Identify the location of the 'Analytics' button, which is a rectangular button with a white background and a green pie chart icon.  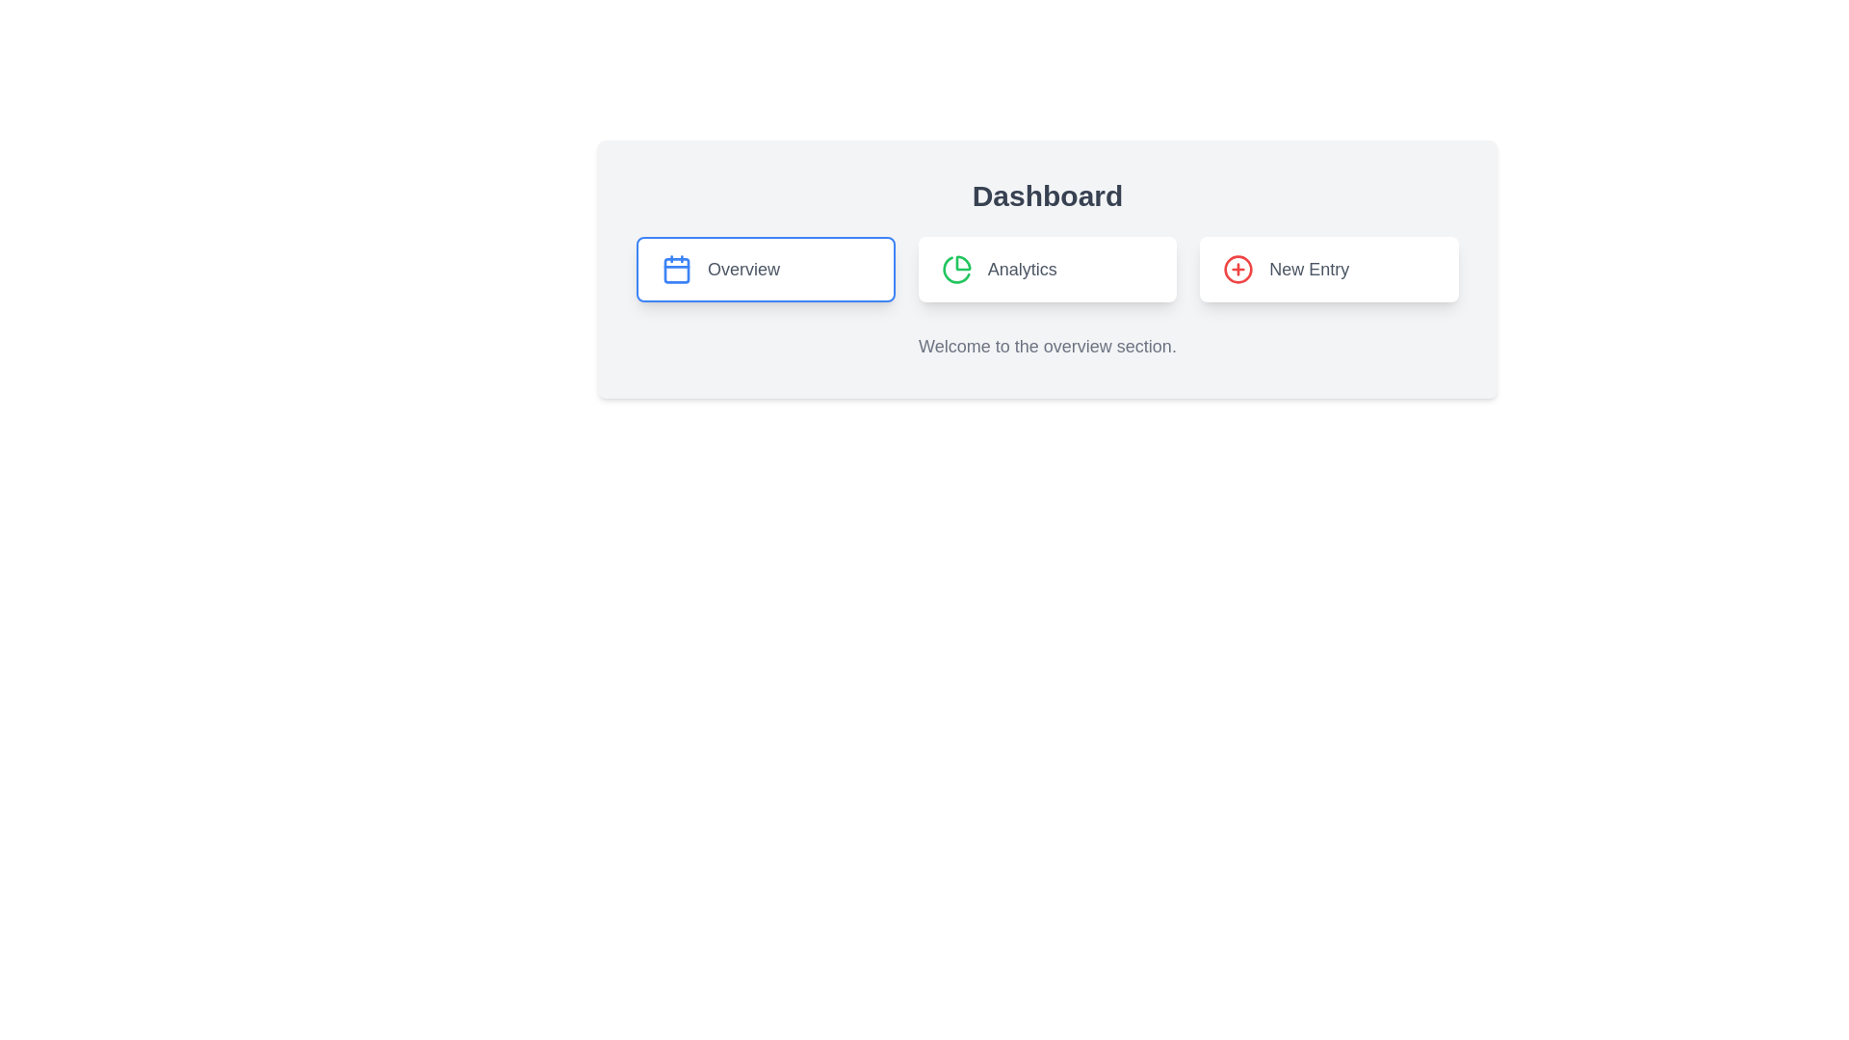
(1047, 270).